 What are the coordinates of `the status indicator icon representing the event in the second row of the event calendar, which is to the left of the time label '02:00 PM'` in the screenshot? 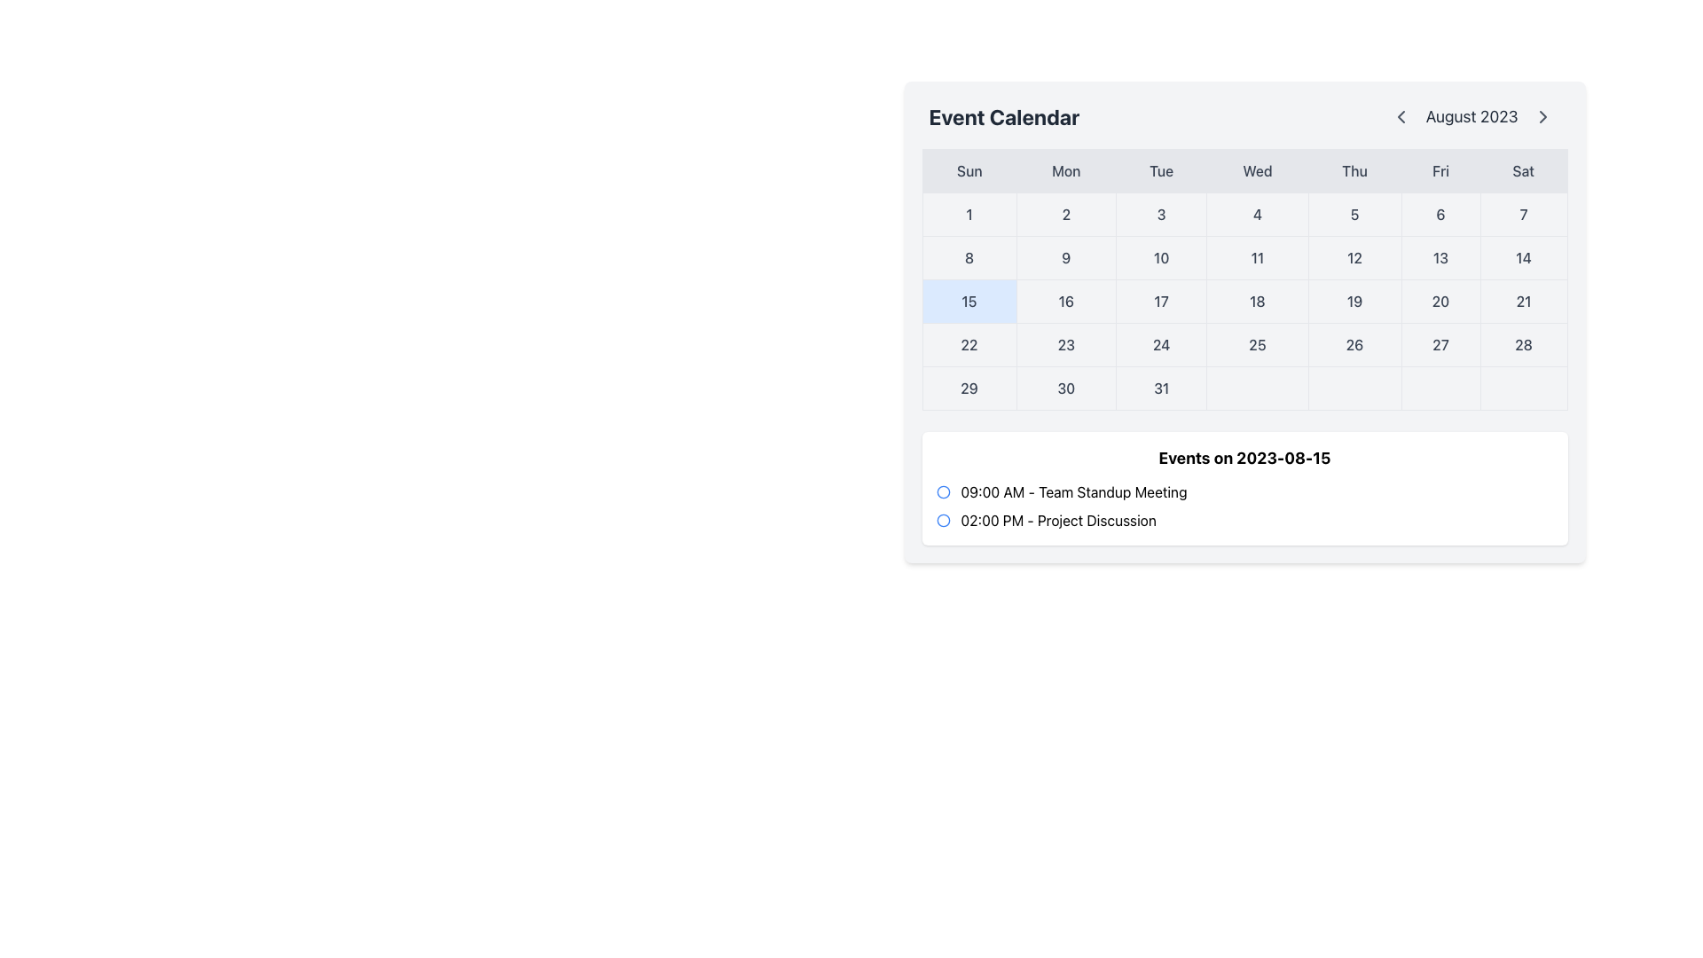 It's located at (942, 519).